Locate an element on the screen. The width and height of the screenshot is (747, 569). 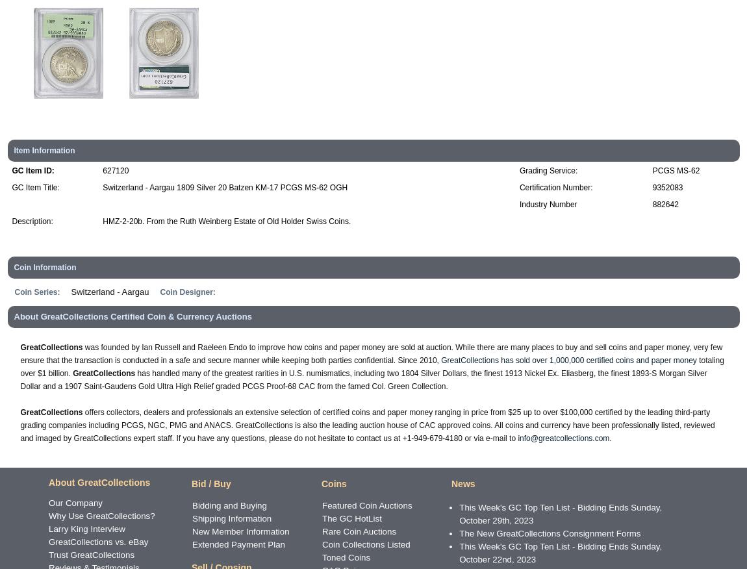
'info@greatcollections.com' is located at coordinates (563, 437).